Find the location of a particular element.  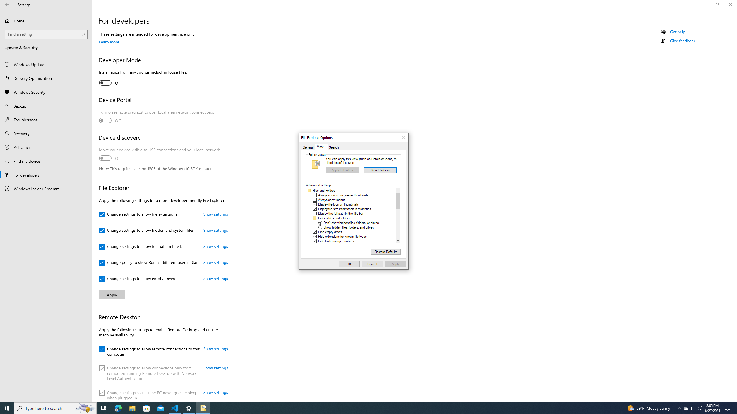

'Microsoft Store' is located at coordinates (147, 408).